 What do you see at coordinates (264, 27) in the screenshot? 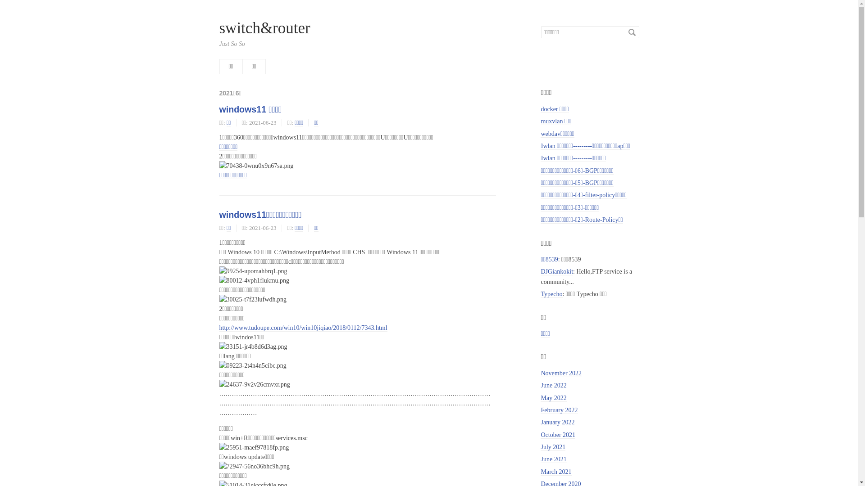
I see `'switch&router'` at bounding box center [264, 27].